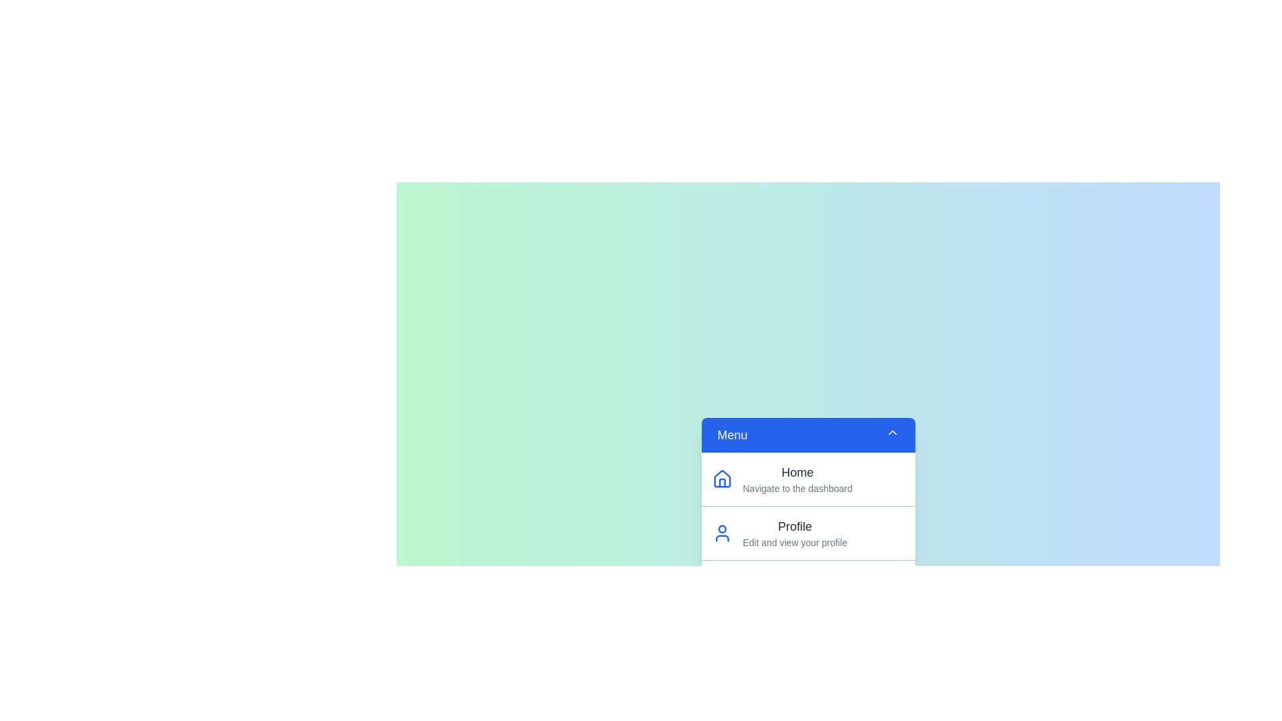  What do you see at coordinates (807, 478) in the screenshot?
I see `the menu item labeled 'Home' to observe hover effects` at bounding box center [807, 478].